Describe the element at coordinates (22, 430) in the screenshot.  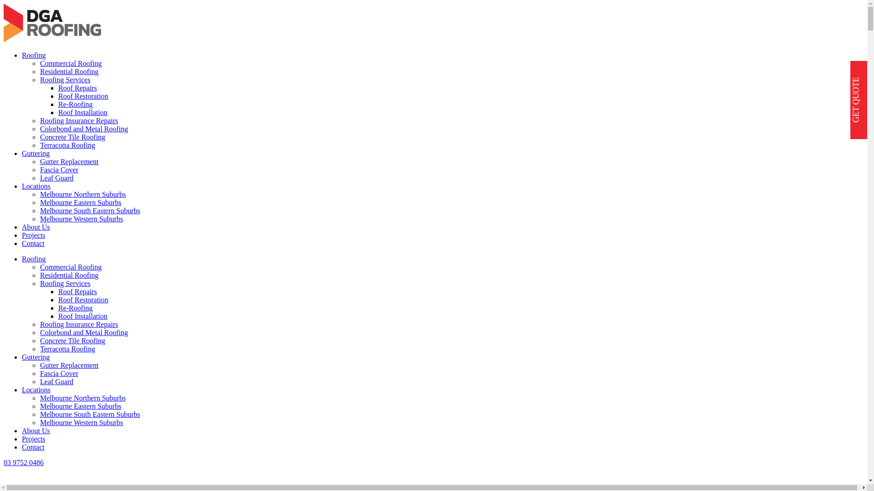
I see `'About Us'` at that location.